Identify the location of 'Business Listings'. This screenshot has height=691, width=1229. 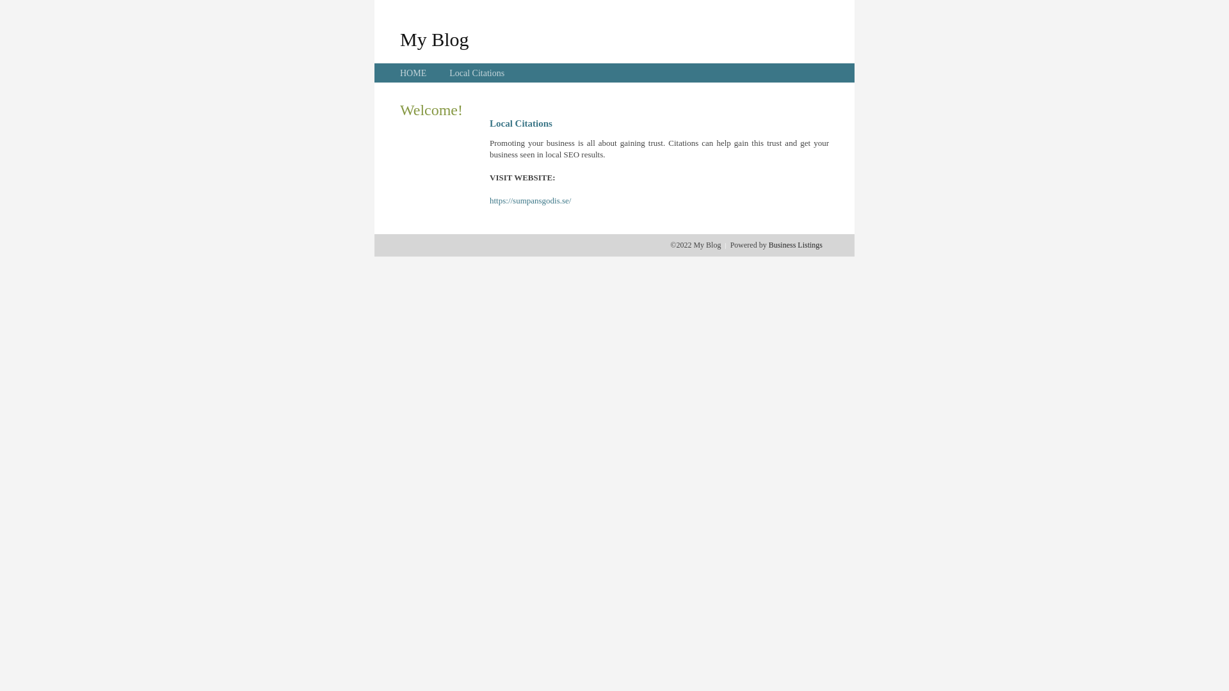
(795, 244).